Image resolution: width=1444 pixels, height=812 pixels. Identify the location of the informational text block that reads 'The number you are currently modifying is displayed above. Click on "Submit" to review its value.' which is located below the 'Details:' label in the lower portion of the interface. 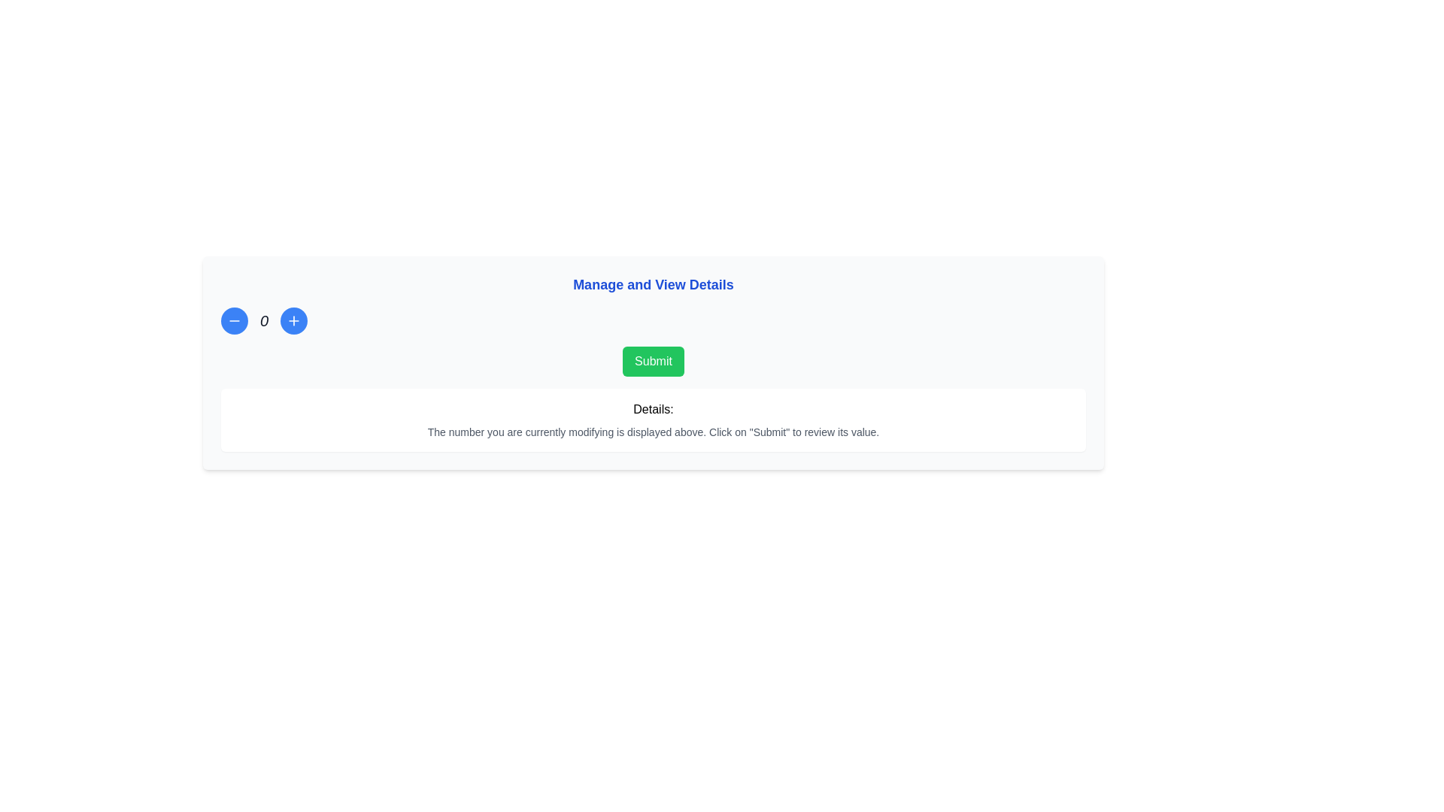
(653, 432).